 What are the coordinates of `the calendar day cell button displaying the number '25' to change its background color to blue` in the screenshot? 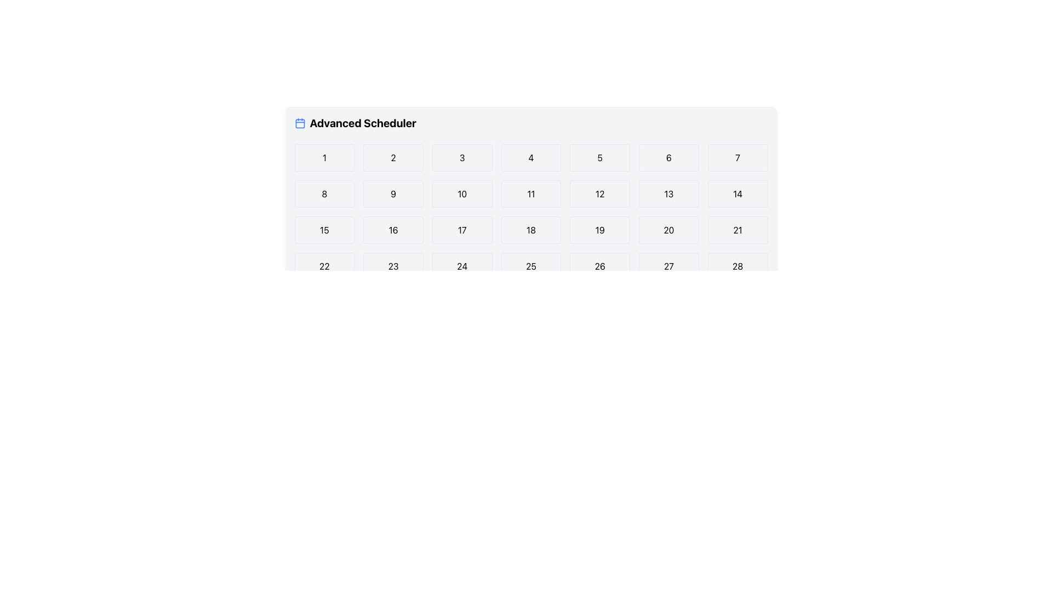 It's located at (531, 266).